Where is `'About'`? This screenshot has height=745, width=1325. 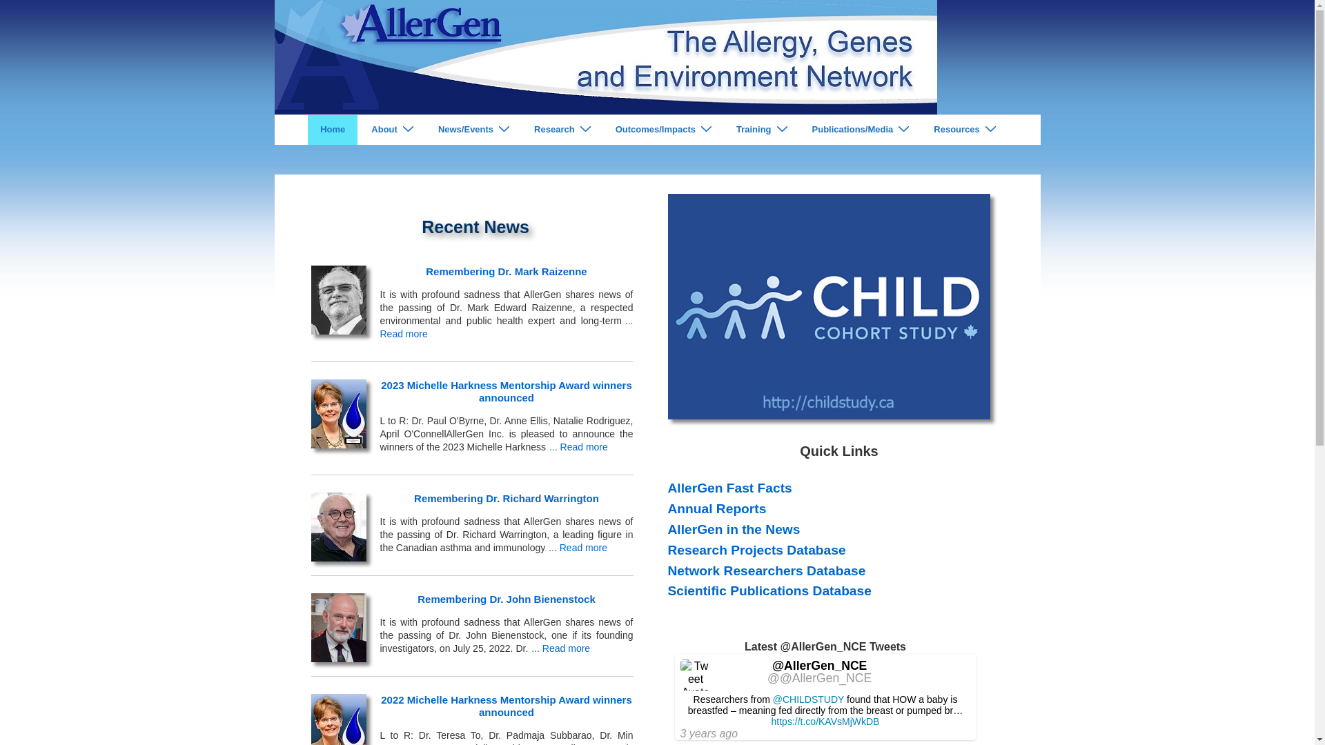
'About' is located at coordinates (358, 130).